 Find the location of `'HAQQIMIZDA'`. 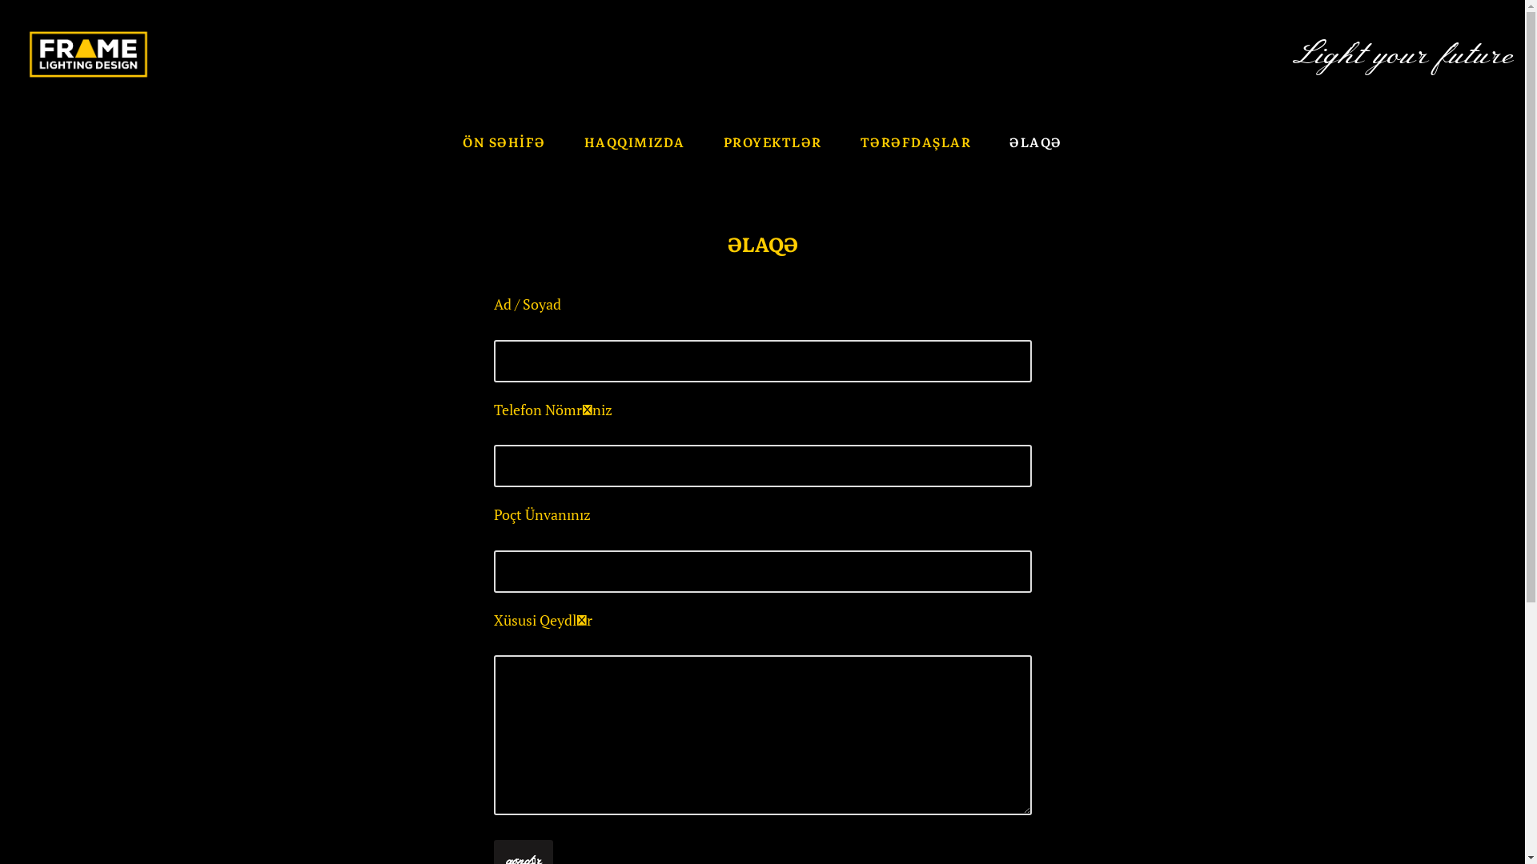

'HAQQIMIZDA' is located at coordinates (633, 141).